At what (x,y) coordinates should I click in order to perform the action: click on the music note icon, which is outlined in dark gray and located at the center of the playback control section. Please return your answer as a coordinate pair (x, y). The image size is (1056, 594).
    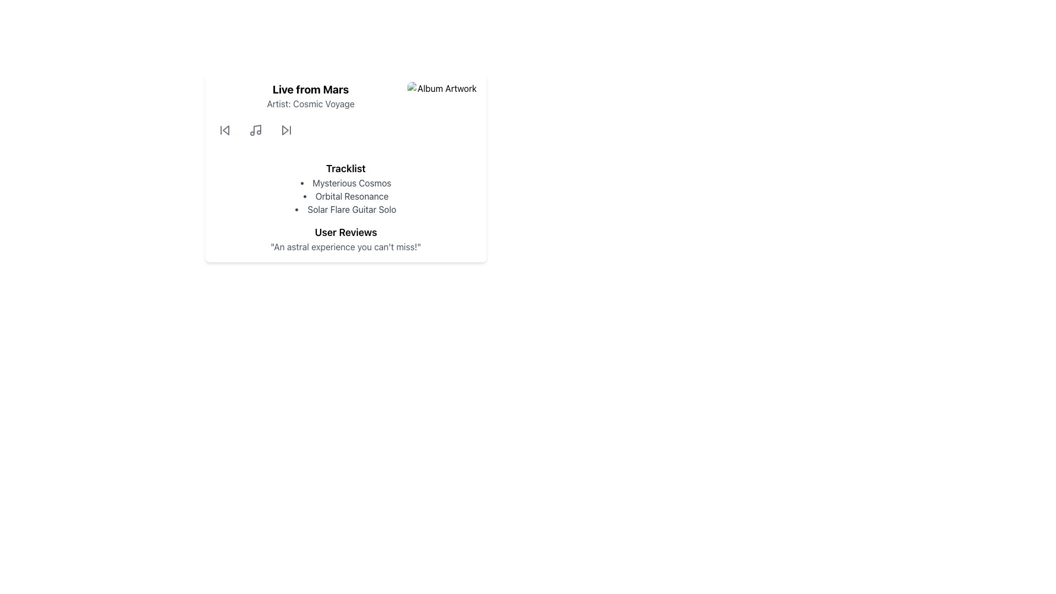
    Looking at the image, I should click on (255, 129).